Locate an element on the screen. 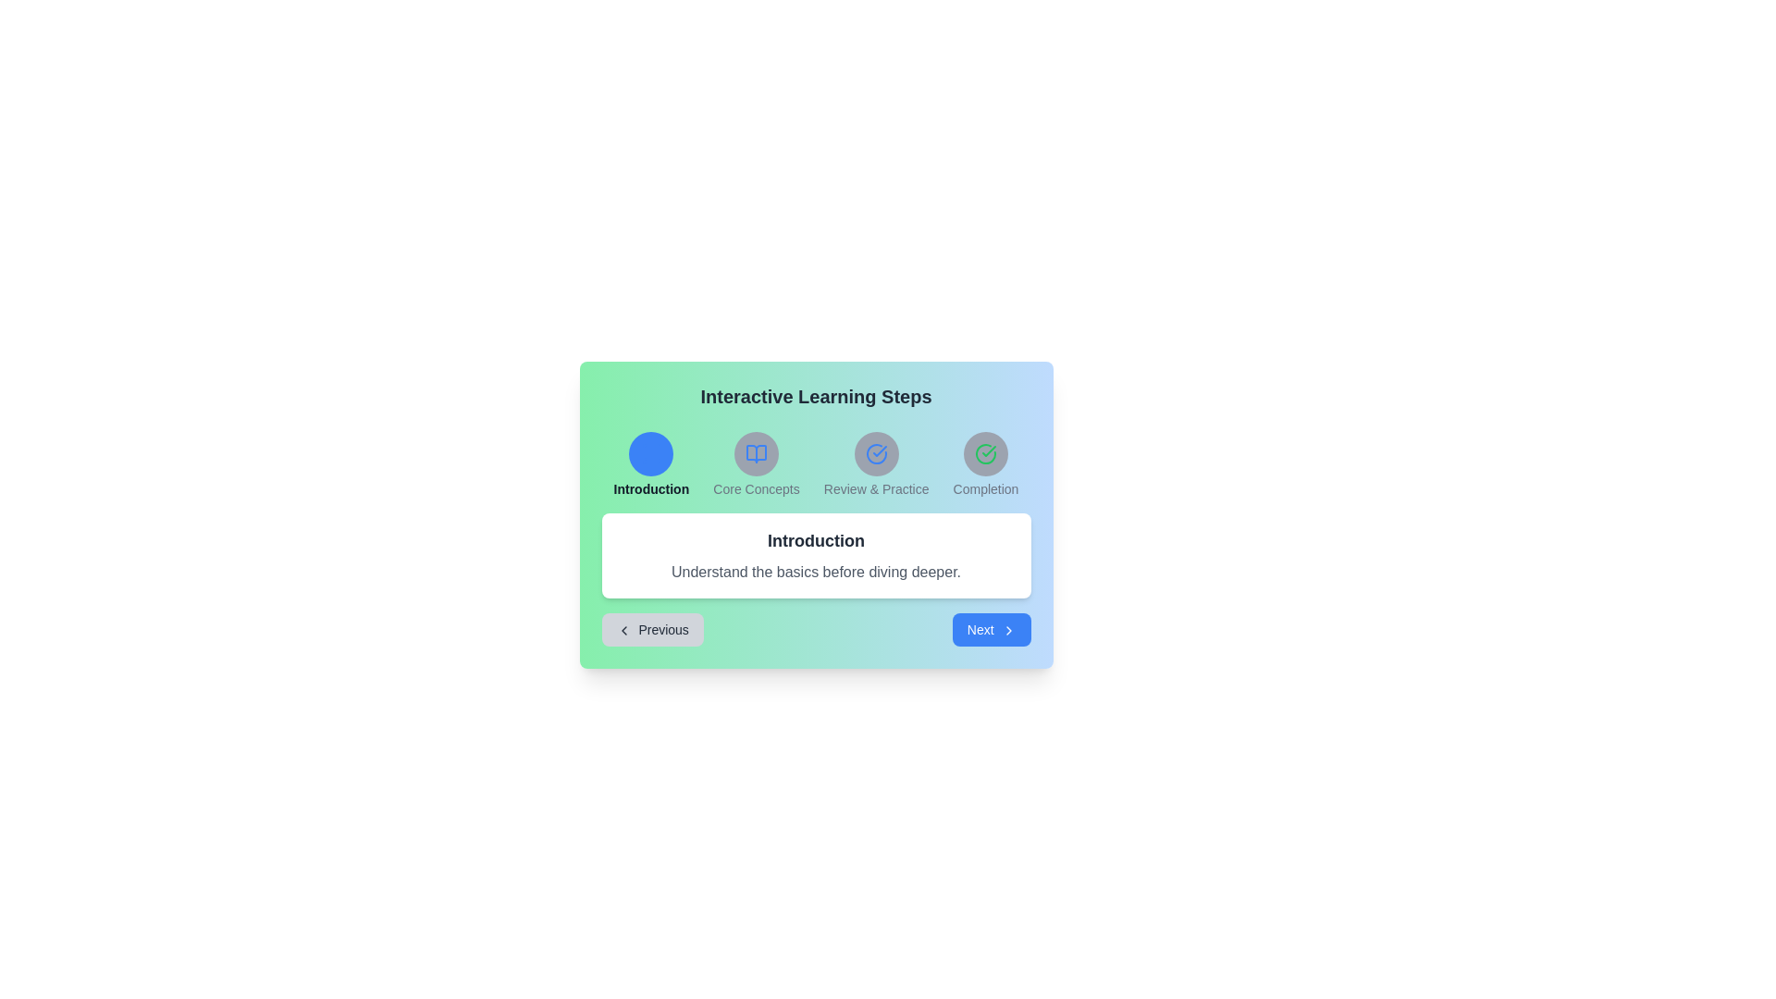 The width and height of the screenshot is (1776, 999). the text label reading 'Completion', which is styled in a small, gray font and positioned below the circular check mark icon in the step indicator sequence is located at coordinates (984, 487).